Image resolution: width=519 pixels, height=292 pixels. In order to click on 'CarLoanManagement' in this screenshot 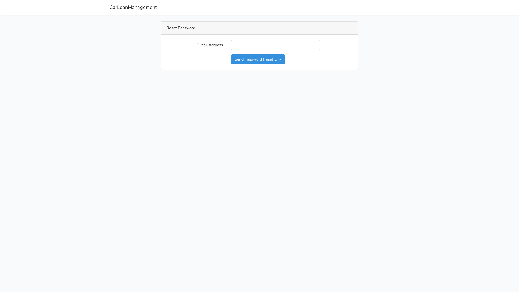, I will do `click(133, 7)`.